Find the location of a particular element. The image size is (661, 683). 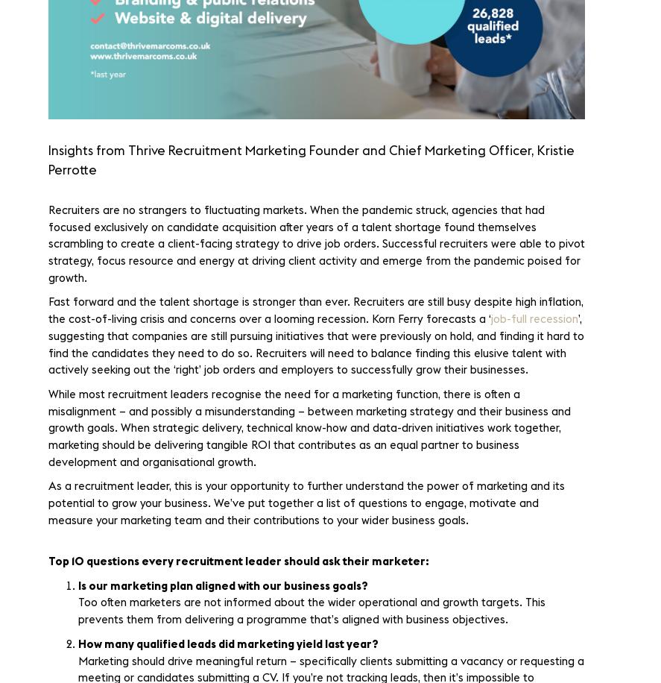

'Recruiters are no strangers to fluctuating markets. When the pandemic struck, agencies that had focused exclusively on candidate acquisition after years of a talent shortage found themselves scrambling to create a client-facing strategy to drive job orders. Successful recruiters were able to pivot strategy, focus resource and energy at driving client activity and emerge from the pandemic poised for growth.' is located at coordinates (316, 243).